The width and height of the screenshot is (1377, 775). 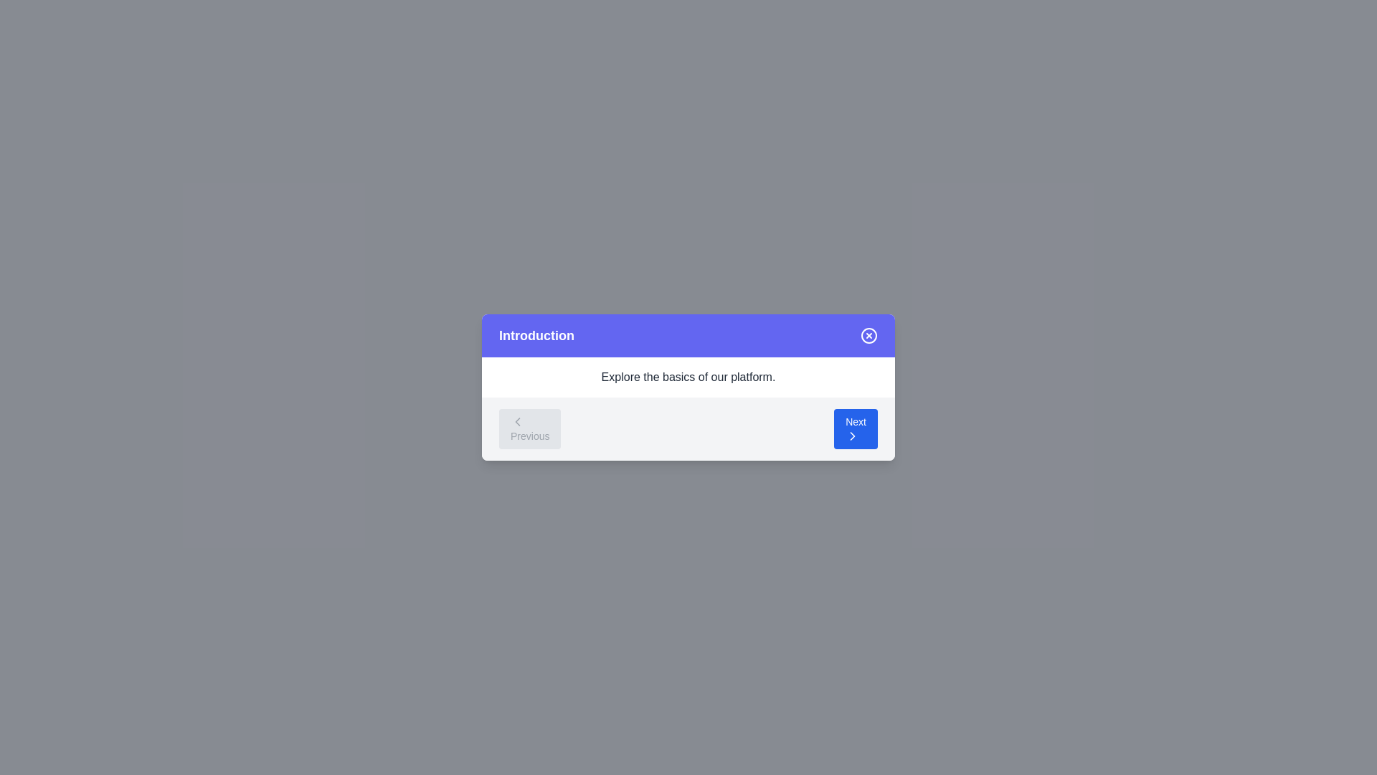 I want to click on the static text element displaying 'Explore the basics of our platform.' which is located centrally beneath the purple header 'Introduction' within a modal interface, so click(x=688, y=376).